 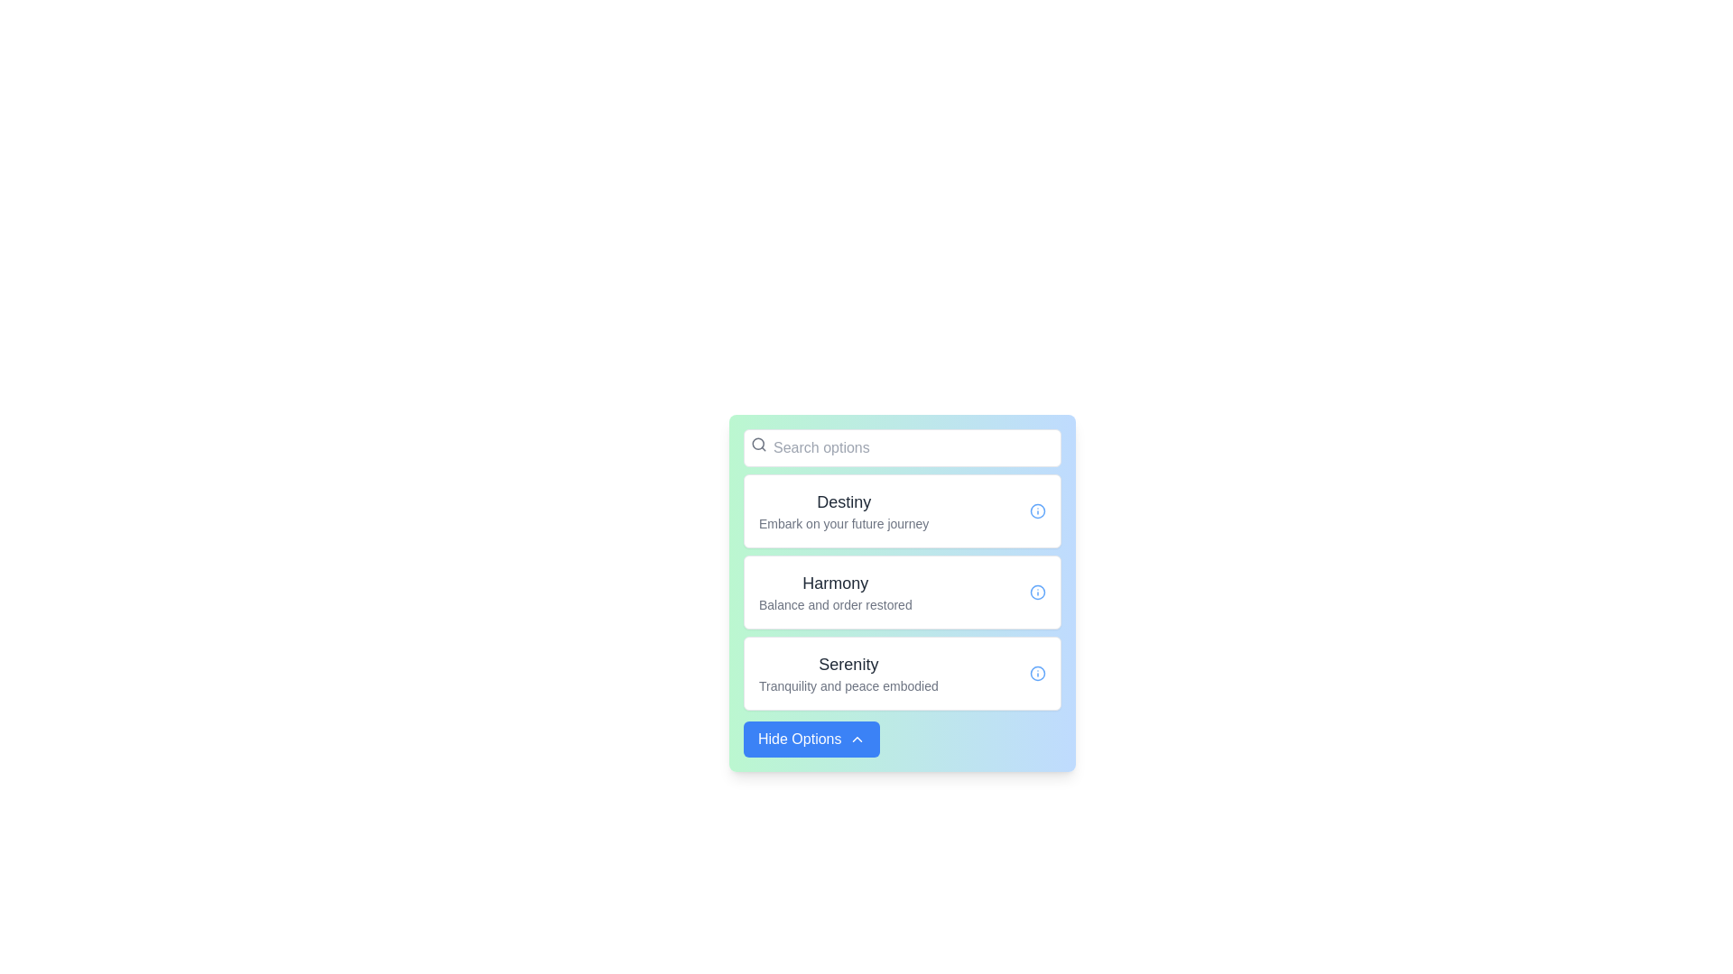 What do you see at coordinates (848, 664) in the screenshot?
I see `the text label titled 'Serenity', which serves as the main identifier for the associated section in the list` at bounding box center [848, 664].